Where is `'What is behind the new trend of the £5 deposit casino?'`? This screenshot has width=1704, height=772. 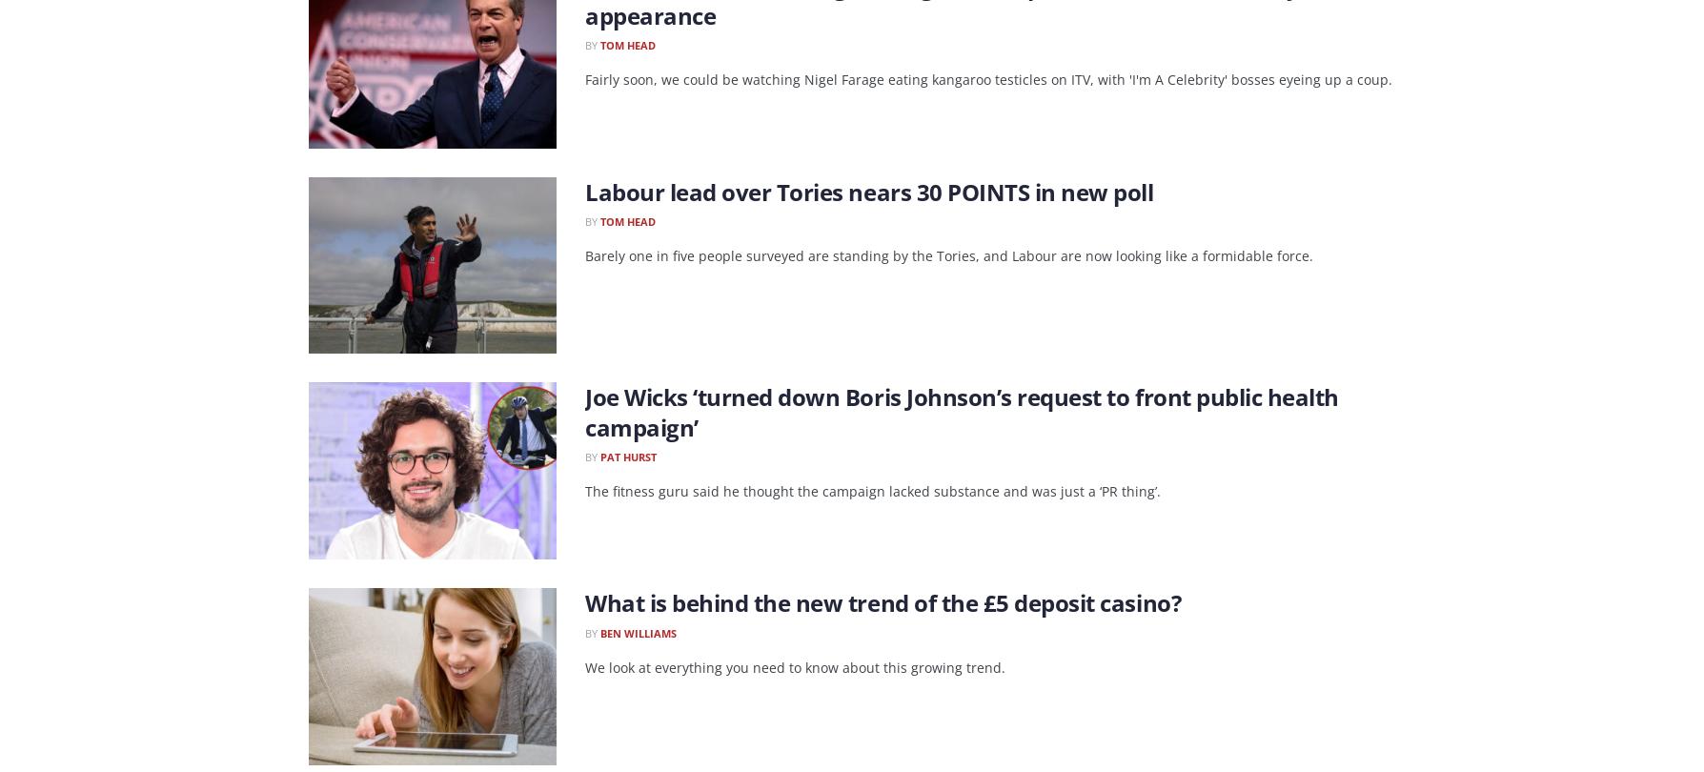 'What is behind the new trend of the £5 deposit casino?' is located at coordinates (882, 601).